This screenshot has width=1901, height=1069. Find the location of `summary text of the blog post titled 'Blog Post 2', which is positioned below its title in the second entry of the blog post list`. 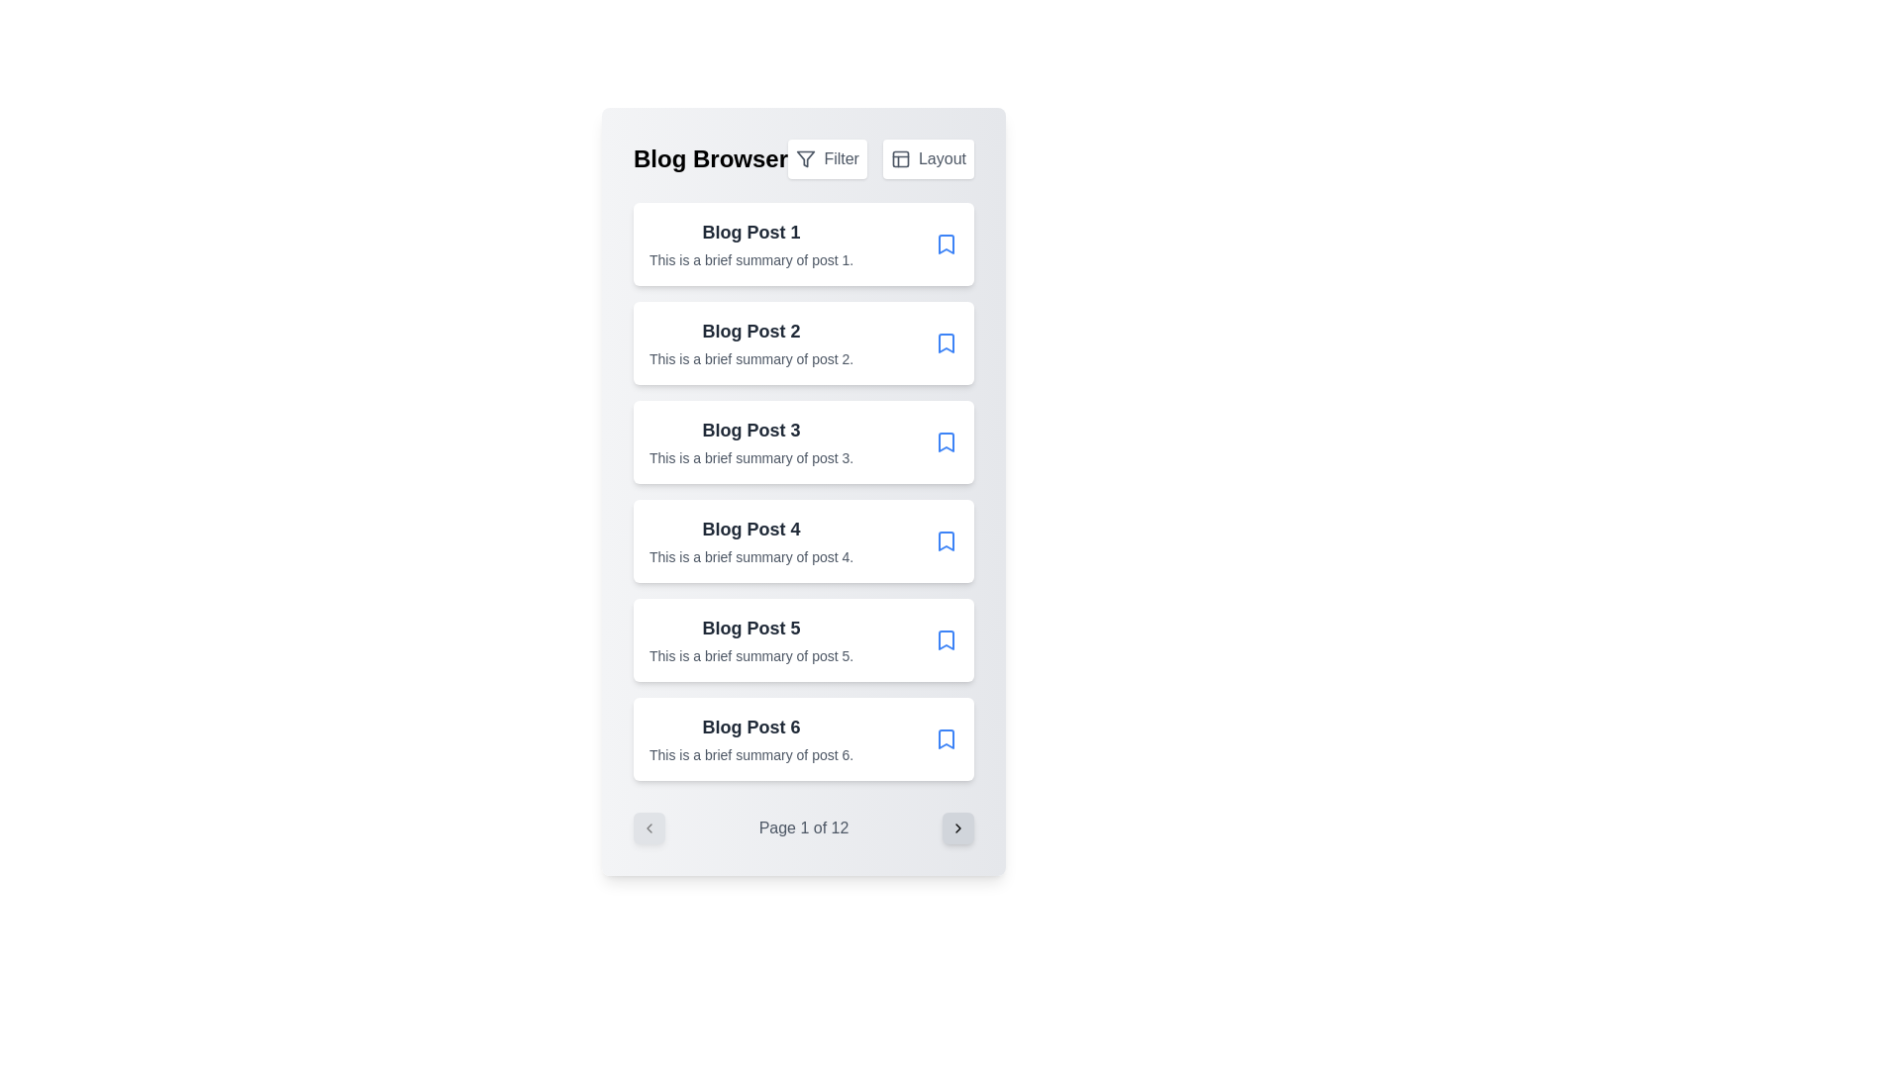

summary text of the blog post titled 'Blog Post 2', which is positioned below its title in the second entry of the blog post list is located at coordinates (750, 358).